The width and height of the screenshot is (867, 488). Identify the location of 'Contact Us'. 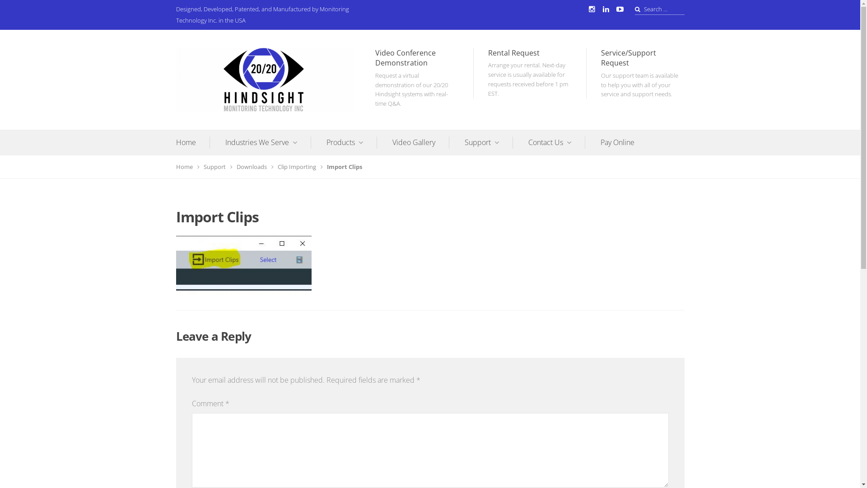
(556, 142).